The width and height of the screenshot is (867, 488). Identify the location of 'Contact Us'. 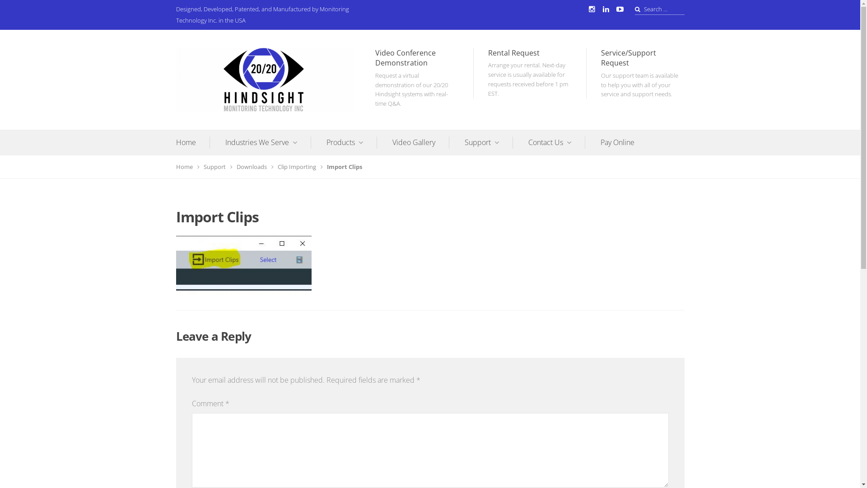
(556, 142).